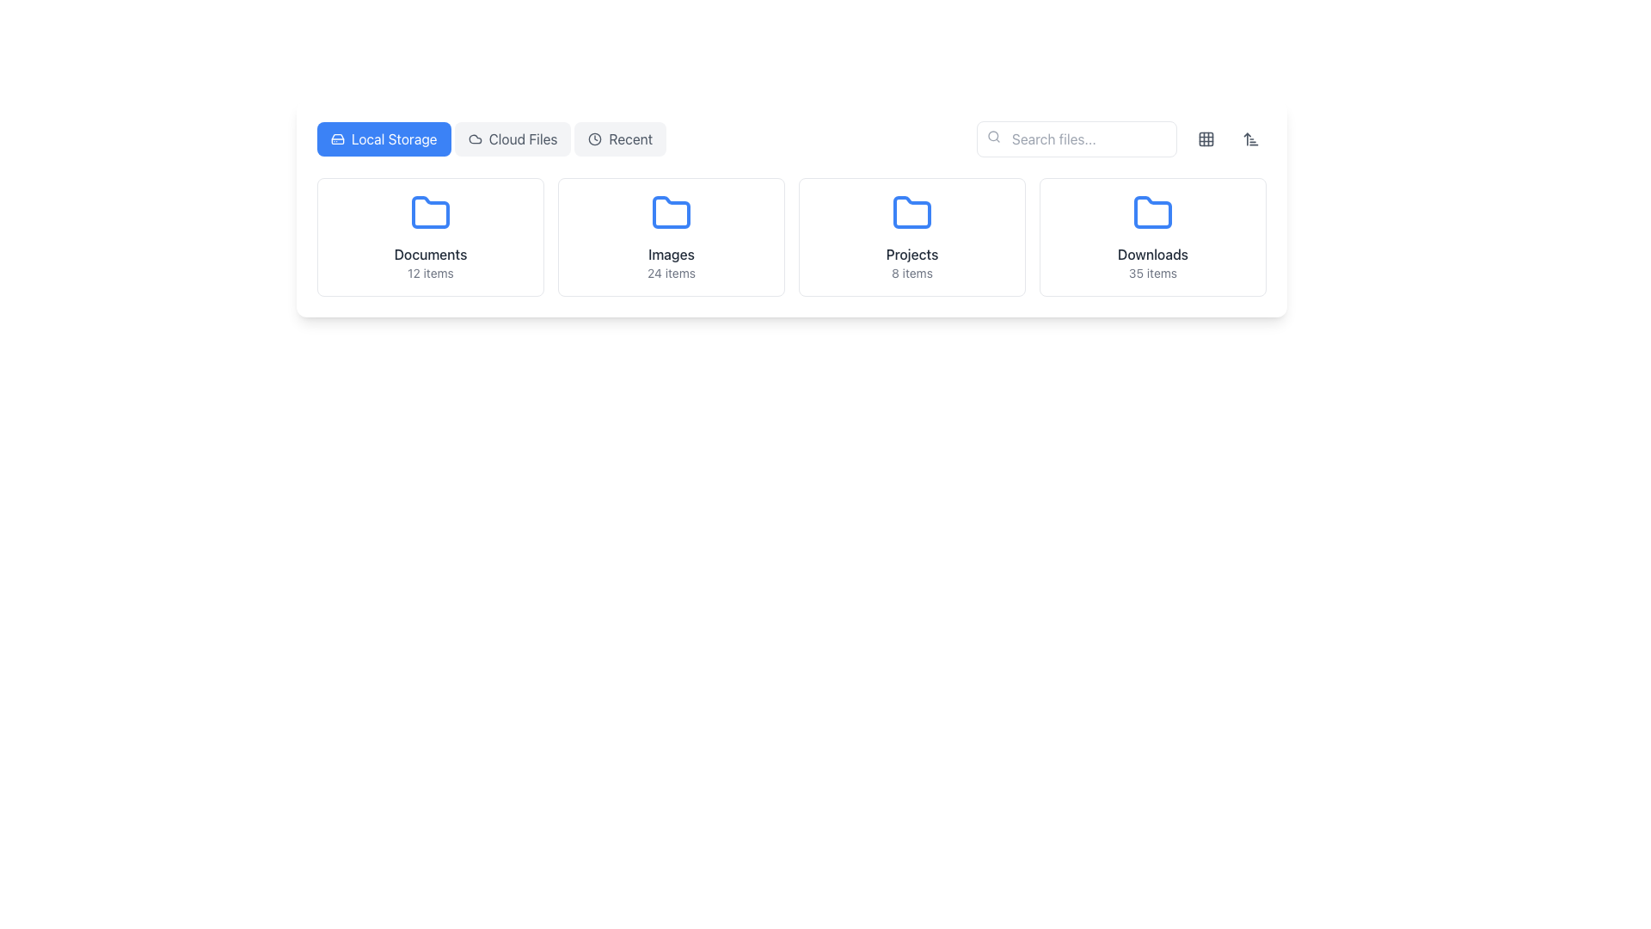  What do you see at coordinates (1076, 138) in the screenshot?
I see `the text input box located towards the top-right of the interface by using keyboard shortcuts to input search parameters` at bounding box center [1076, 138].